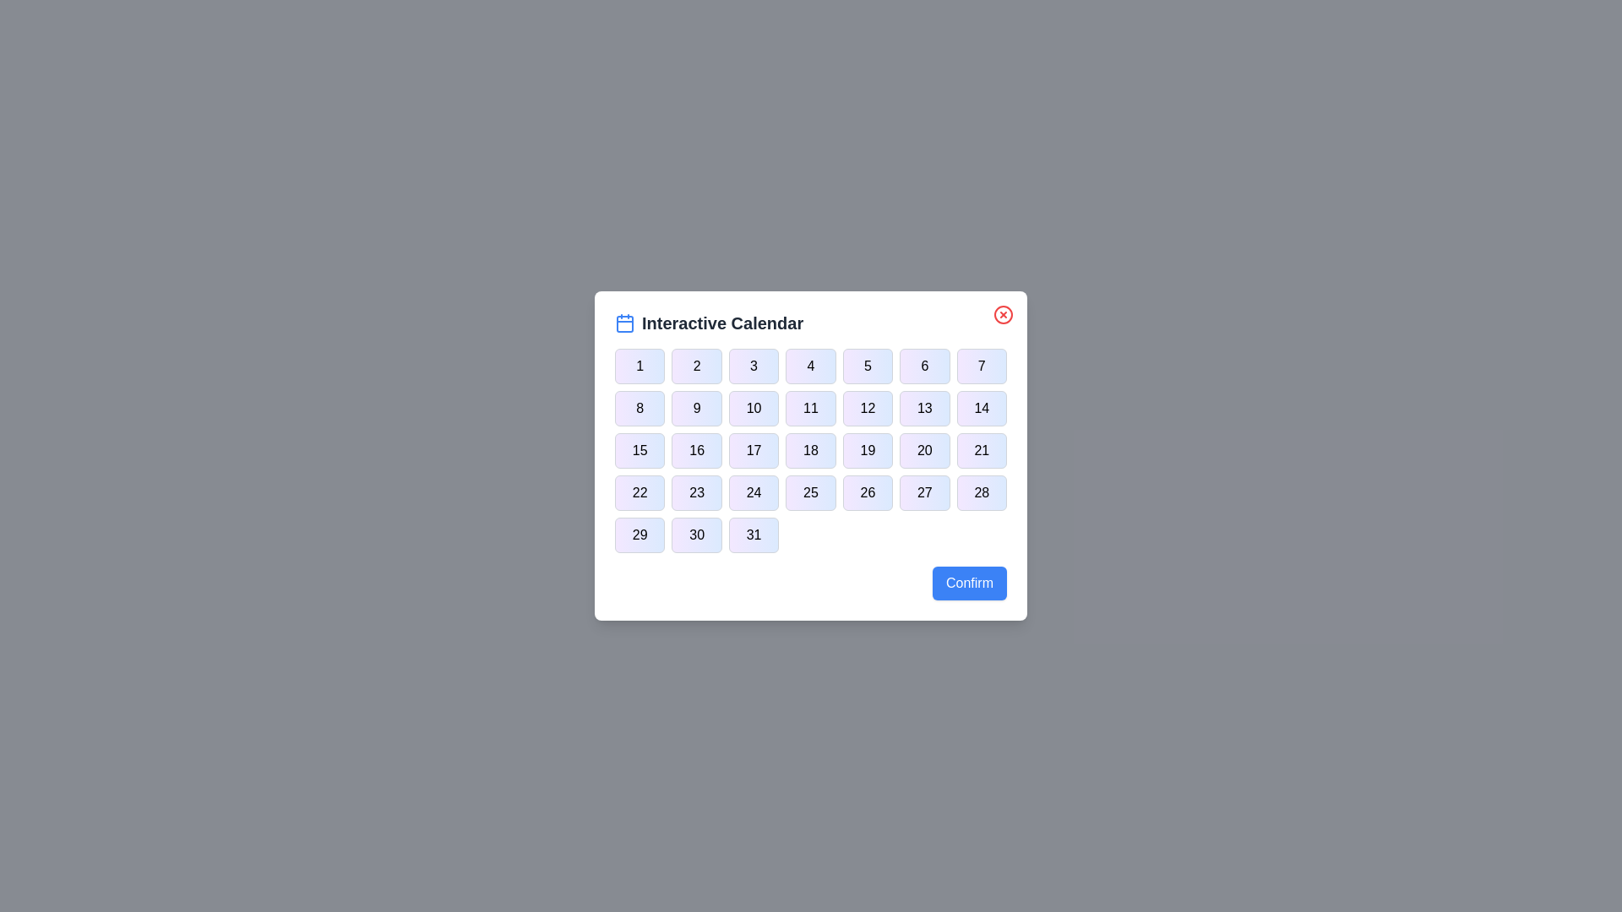  Describe the element at coordinates (753, 408) in the screenshot. I see `the button corresponding to day 10 in the calendar` at that location.